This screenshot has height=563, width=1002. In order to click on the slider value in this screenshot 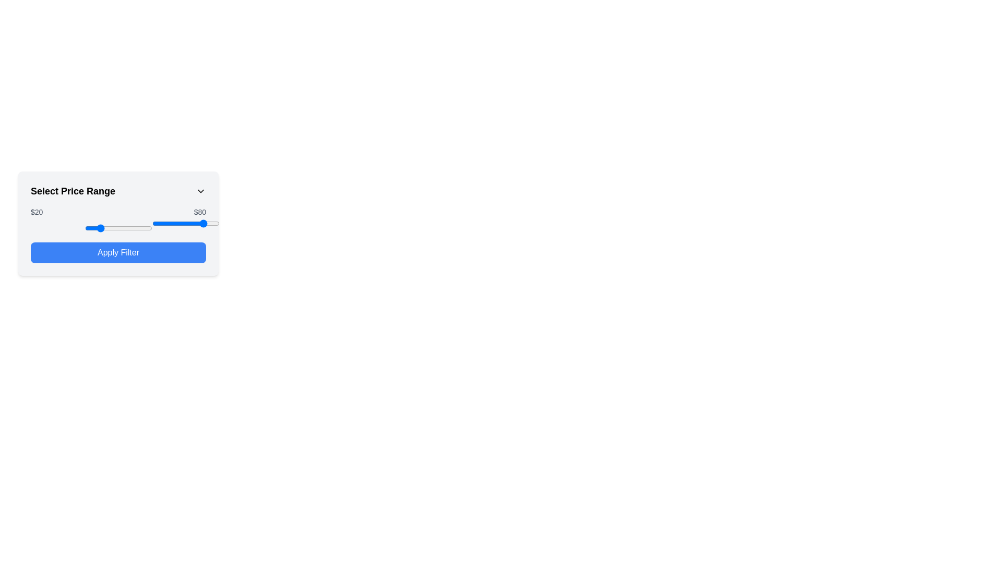, I will do `click(140, 228)`.